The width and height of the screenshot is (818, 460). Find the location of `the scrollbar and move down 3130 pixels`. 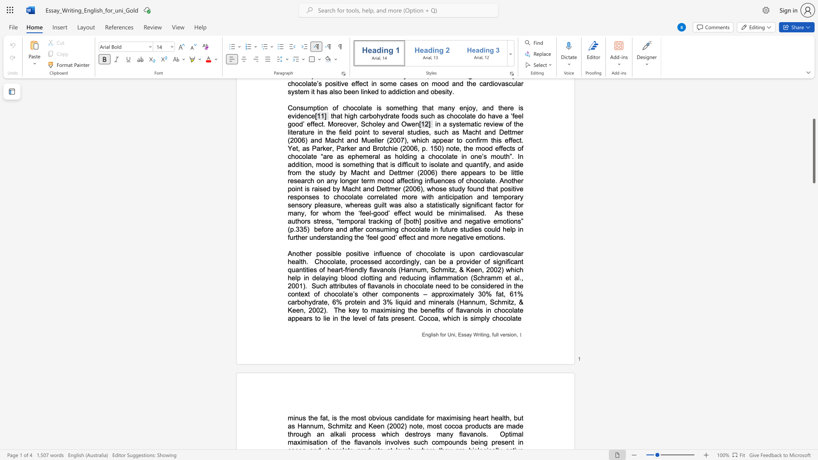

the scrollbar and move down 3130 pixels is located at coordinates (813, 150).